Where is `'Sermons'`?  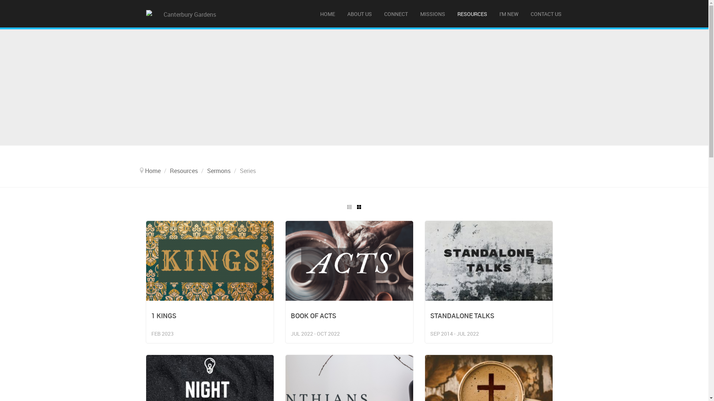
'Sermons' is located at coordinates (218, 170).